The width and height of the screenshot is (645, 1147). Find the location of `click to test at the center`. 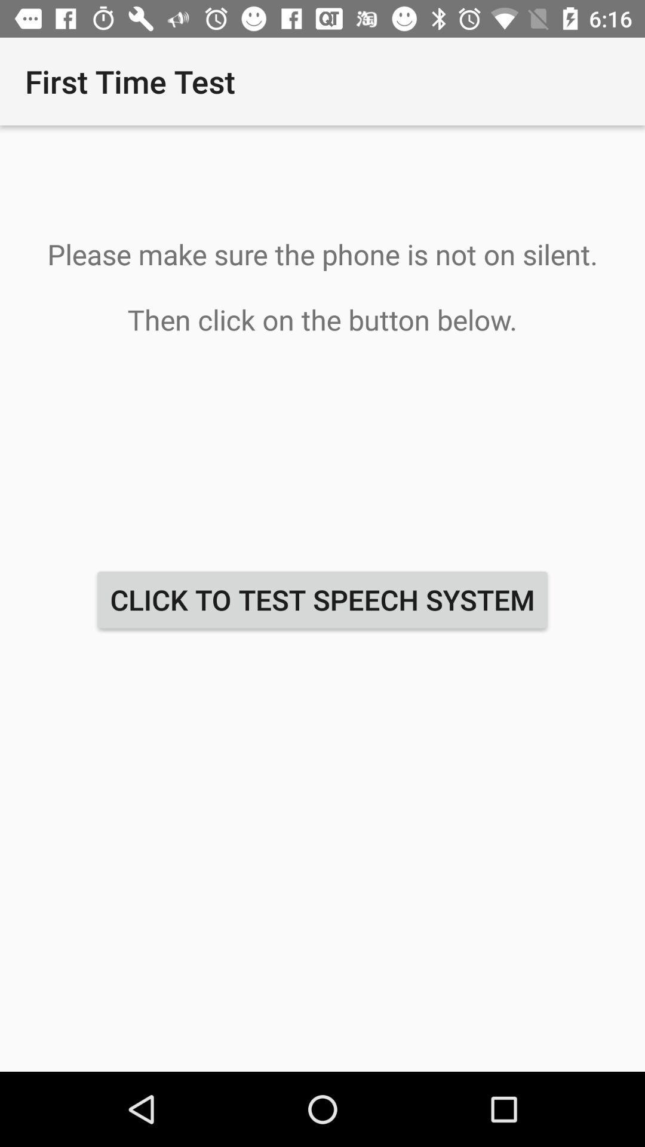

click to test at the center is located at coordinates (322, 600).